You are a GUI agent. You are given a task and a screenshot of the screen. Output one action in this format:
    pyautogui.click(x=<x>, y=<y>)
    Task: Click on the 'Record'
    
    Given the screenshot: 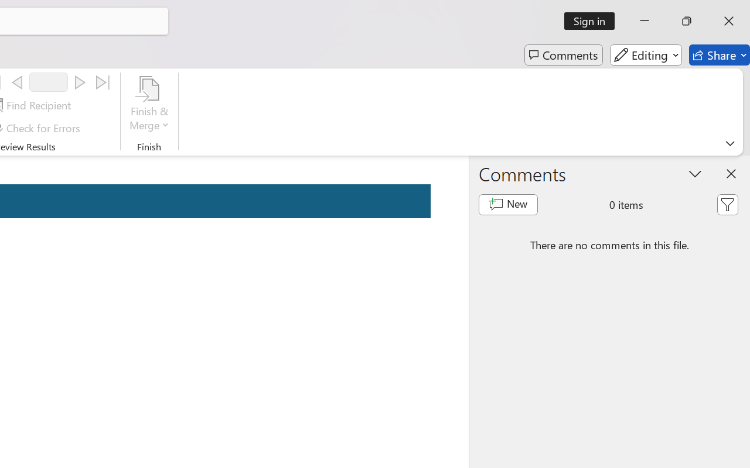 What is the action you would take?
    pyautogui.click(x=48, y=82)
    